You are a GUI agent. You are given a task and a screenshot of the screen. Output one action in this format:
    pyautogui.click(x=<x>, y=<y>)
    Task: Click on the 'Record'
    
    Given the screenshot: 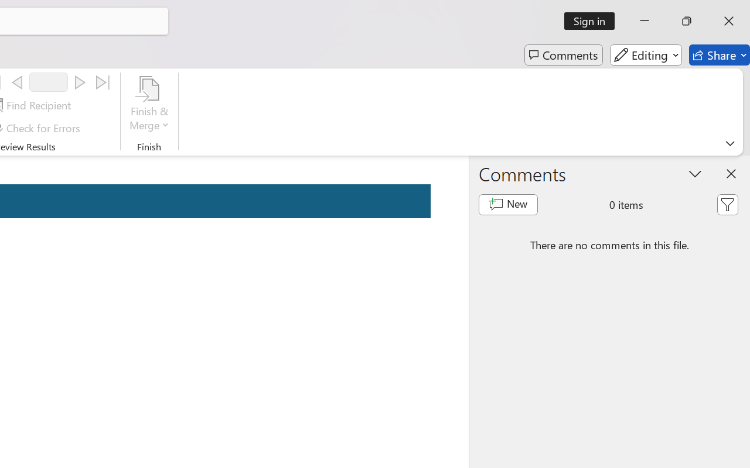 What is the action you would take?
    pyautogui.click(x=48, y=82)
    